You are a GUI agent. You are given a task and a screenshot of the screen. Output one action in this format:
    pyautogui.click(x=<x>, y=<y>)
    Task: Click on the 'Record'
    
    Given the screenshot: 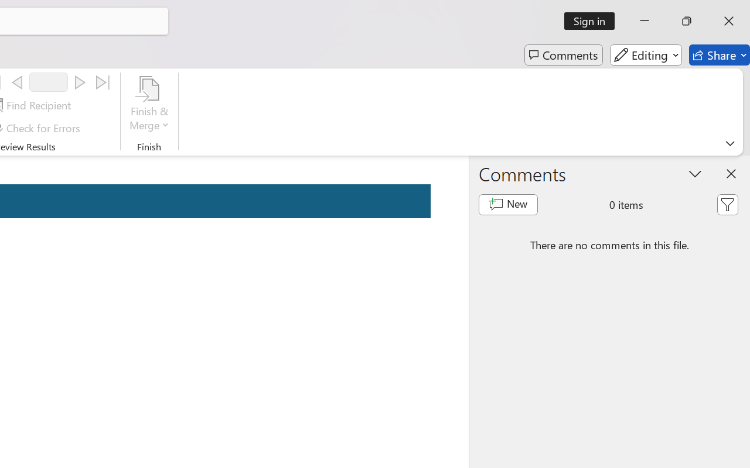 What is the action you would take?
    pyautogui.click(x=48, y=82)
    